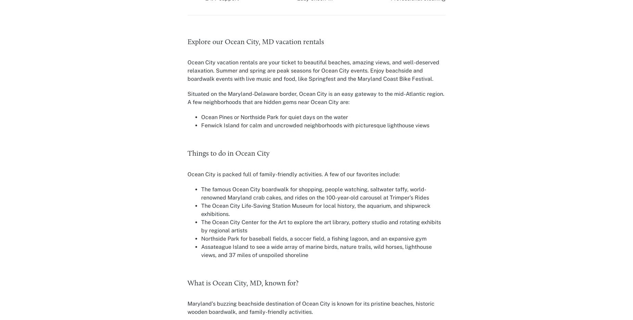 This screenshot has height=320, width=633. Describe the element at coordinates (315, 209) in the screenshot. I see `'The Ocean City Life-Saving Station Museum for local history, the aquarium, and shipwreck exhibitions.'` at that location.